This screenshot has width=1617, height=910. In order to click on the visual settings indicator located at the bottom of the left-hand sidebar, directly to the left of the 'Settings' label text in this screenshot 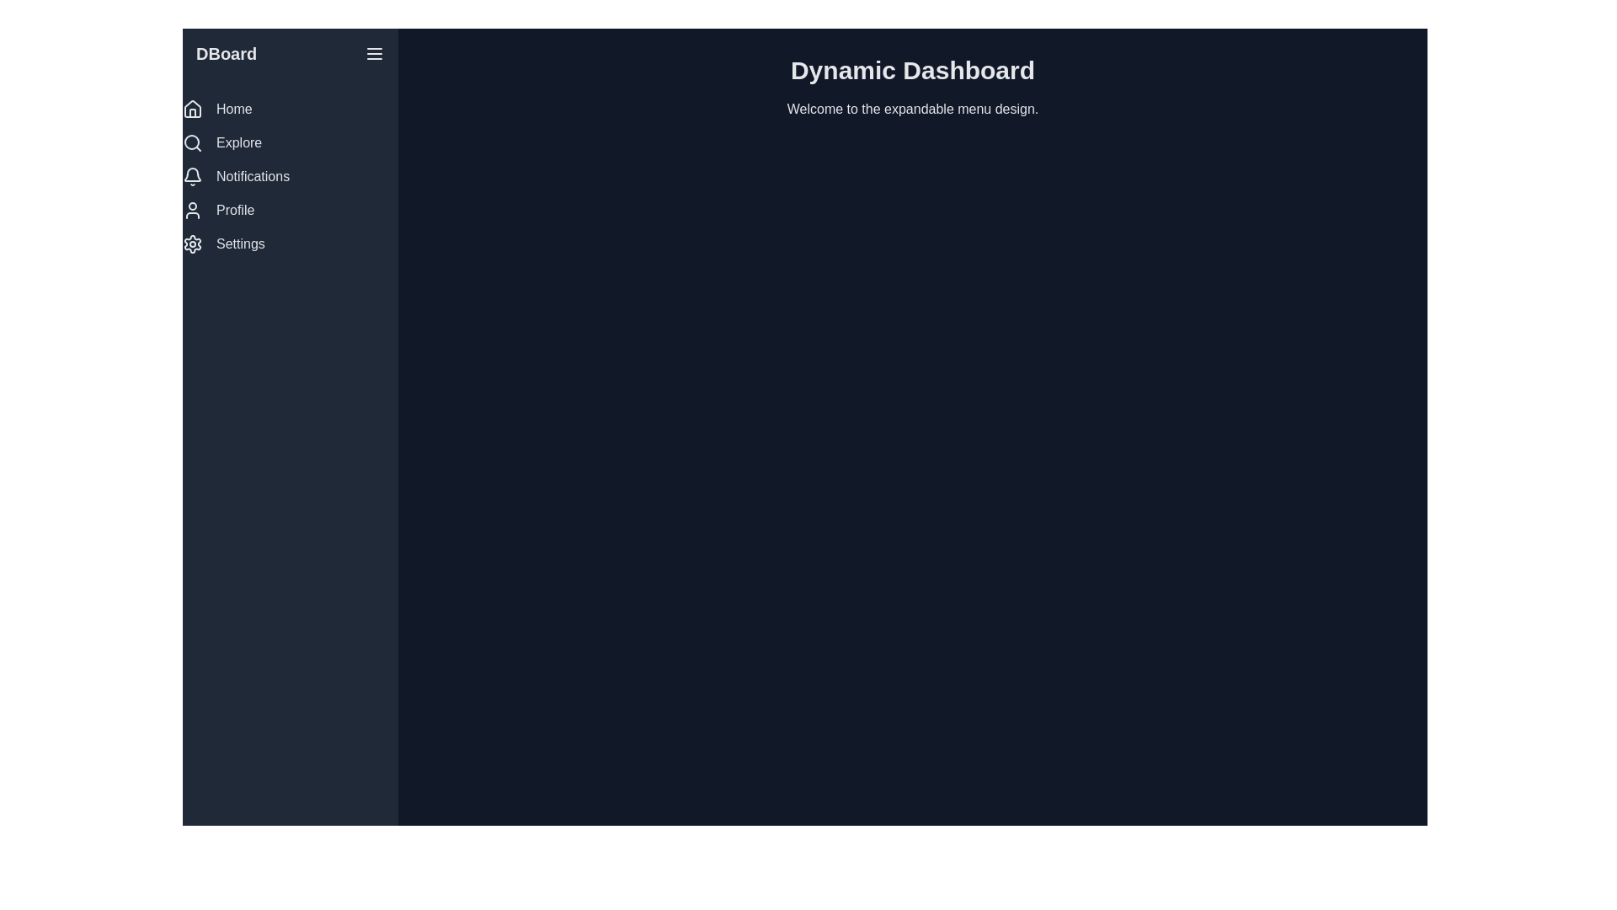, I will do `click(193, 244)`.